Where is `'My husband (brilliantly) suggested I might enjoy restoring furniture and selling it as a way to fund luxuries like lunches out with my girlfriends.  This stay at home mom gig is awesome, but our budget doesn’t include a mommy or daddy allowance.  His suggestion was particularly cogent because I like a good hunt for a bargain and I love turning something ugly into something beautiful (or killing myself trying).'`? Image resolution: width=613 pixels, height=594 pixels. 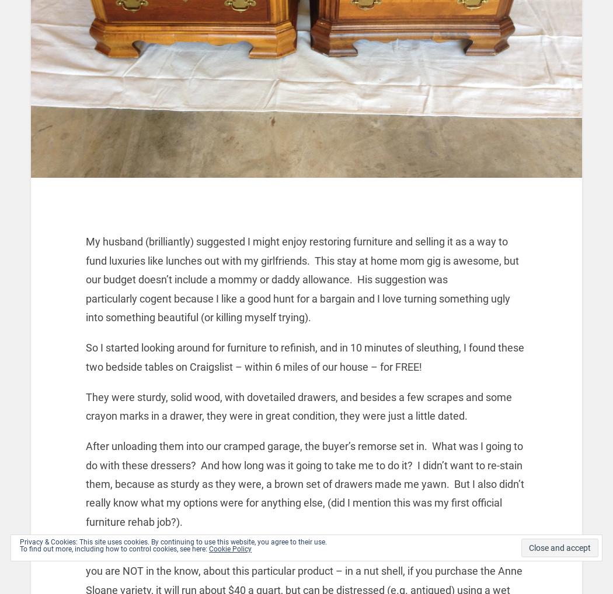 'My husband (brilliantly) suggested I might enjoy restoring furniture and selling it as a way to fund luxuries like lunches out with my girlfriends.  This stay at home mom gig is awesome, but our budget doesn’t include a mommy or daddy allowance.  His suggestion was particularly cogent because I like a good hunt for a bargain and I love turning something ugly into something beautiful (or killing myself trying).' is located at coordinates (85, 279).